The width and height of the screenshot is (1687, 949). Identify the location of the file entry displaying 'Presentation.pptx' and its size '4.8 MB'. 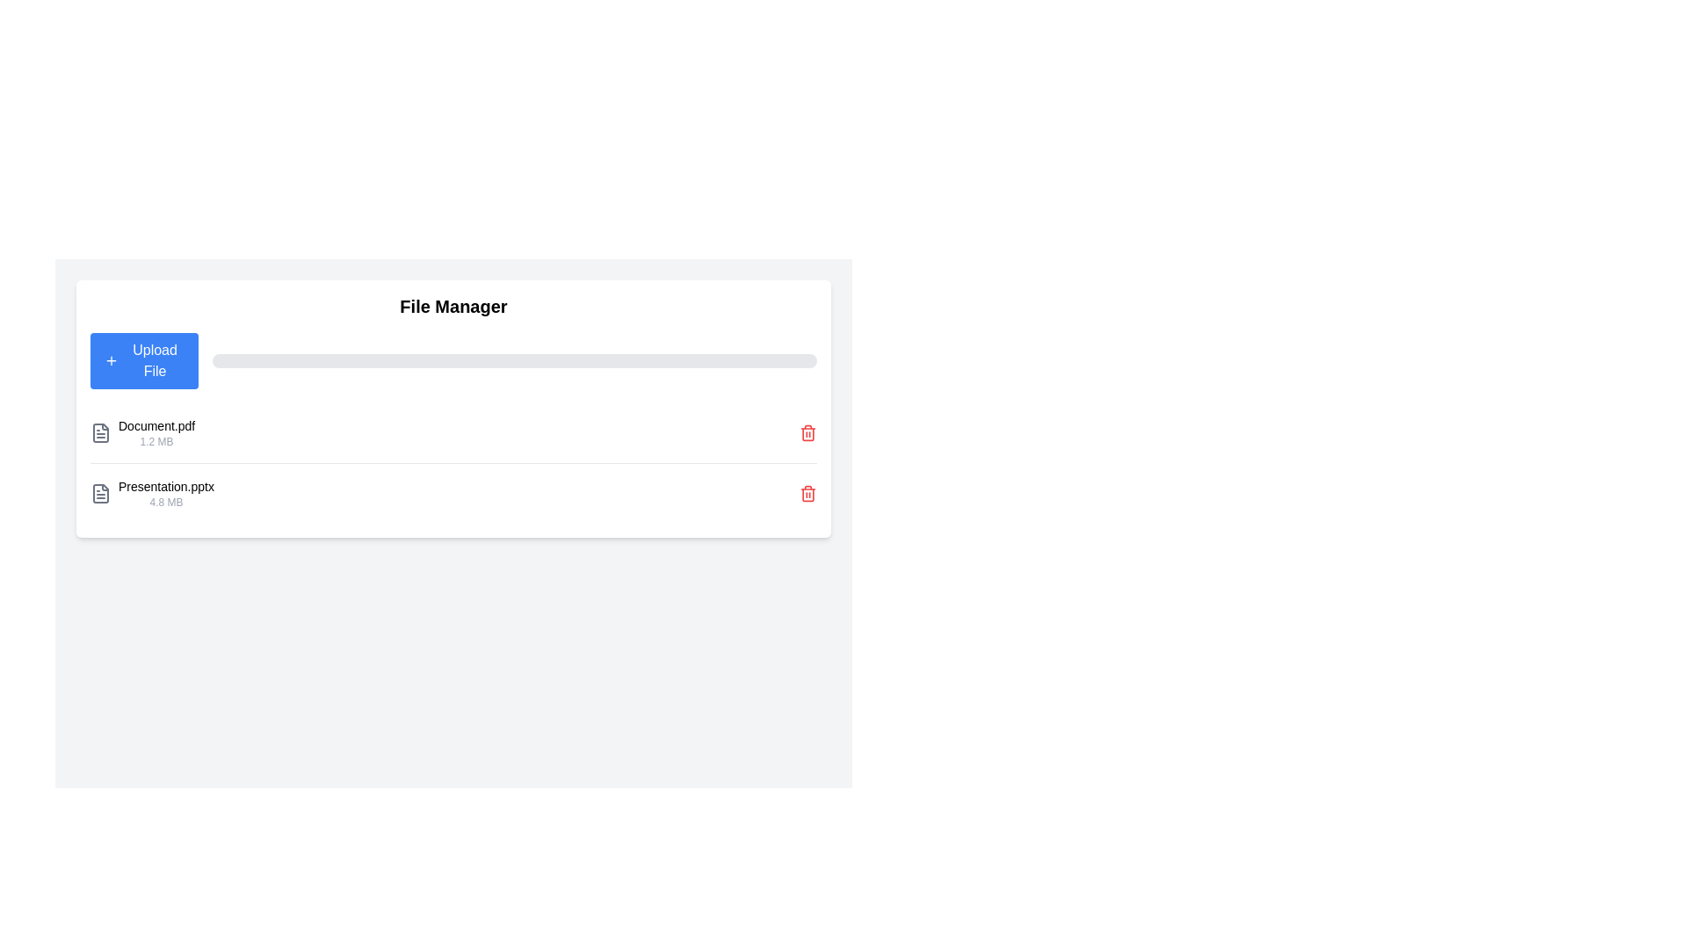
(453, 493).